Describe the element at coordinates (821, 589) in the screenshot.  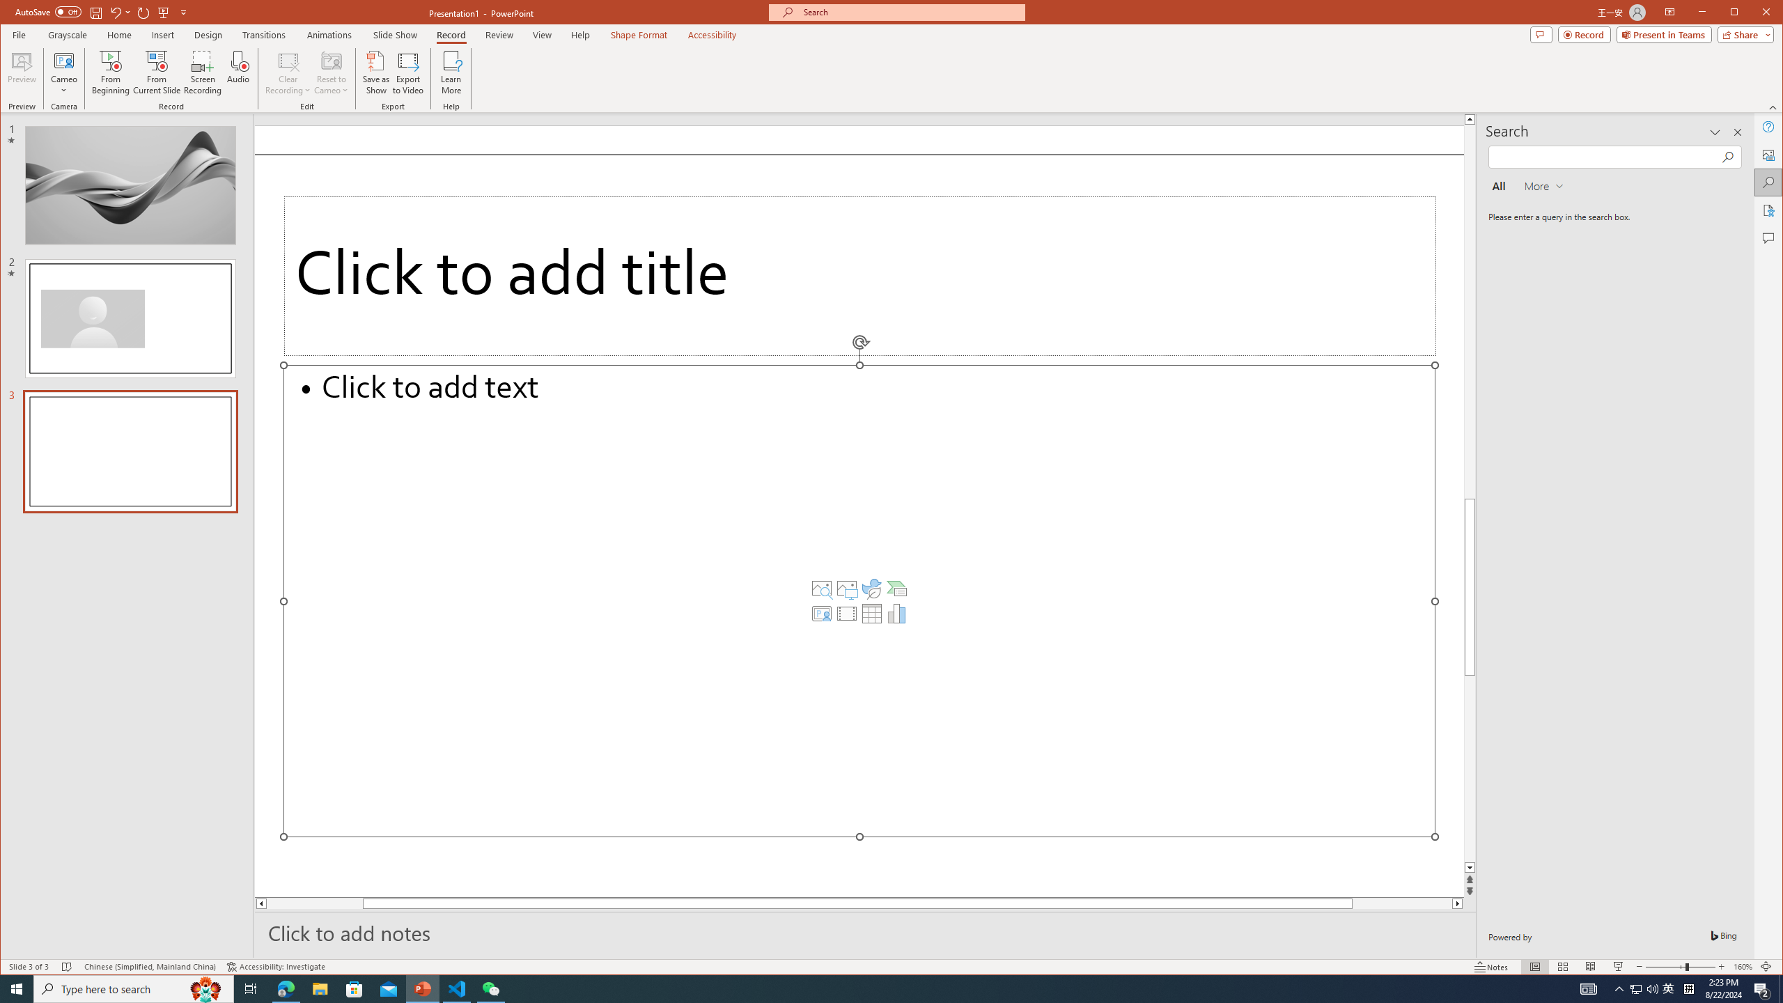
I see `'Stock Images'` at that location.